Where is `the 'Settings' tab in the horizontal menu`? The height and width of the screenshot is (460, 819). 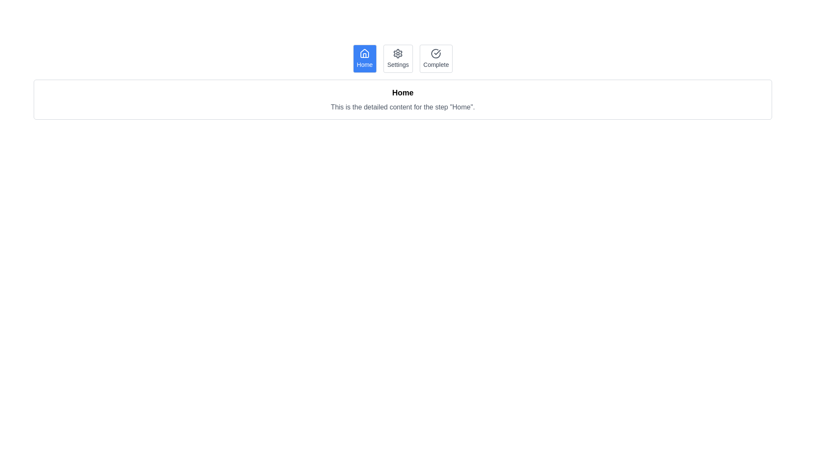 the 'Settings' tab in the horizontal menu is located at coordinates (402, 58).